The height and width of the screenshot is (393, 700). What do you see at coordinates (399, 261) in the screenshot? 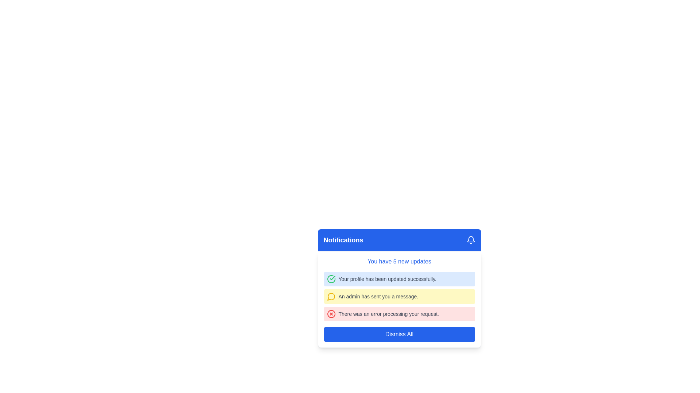
I see `the text label displaying 'You have 5 new updates', which is centrally aligned in blue font within the notification box` at bounding box center [399, 261].